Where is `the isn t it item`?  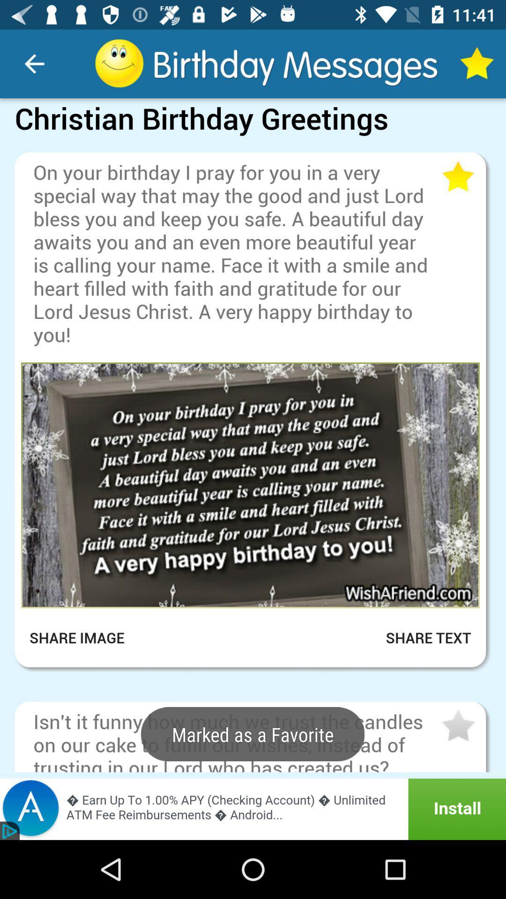 the isn t it item is located at coordinates (236, 739).